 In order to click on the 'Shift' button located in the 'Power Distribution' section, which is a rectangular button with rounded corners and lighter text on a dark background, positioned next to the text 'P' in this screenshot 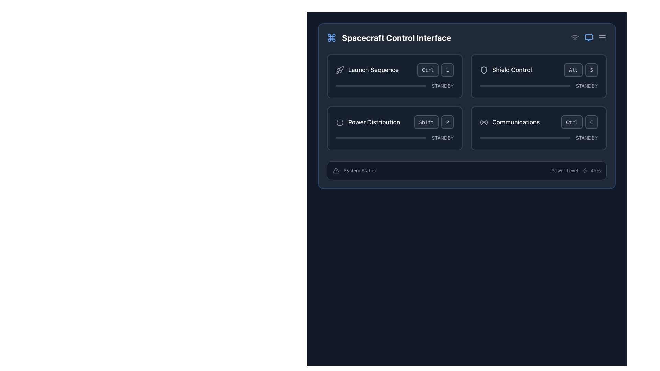, I will do `click(433, 122)`.